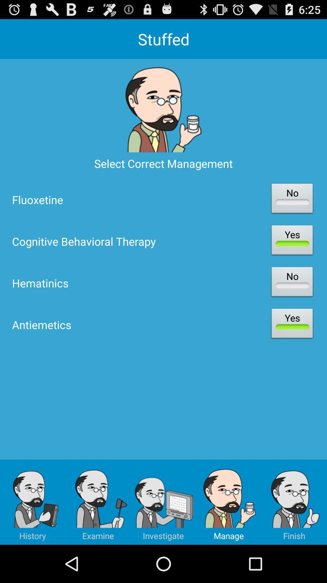 Image resolution: width=327 pixels, height=583 pixels. What do you see at coordinates (294, 502) in the screenshot?
I see `app below antiemetics` at bounding box center [294, 502].